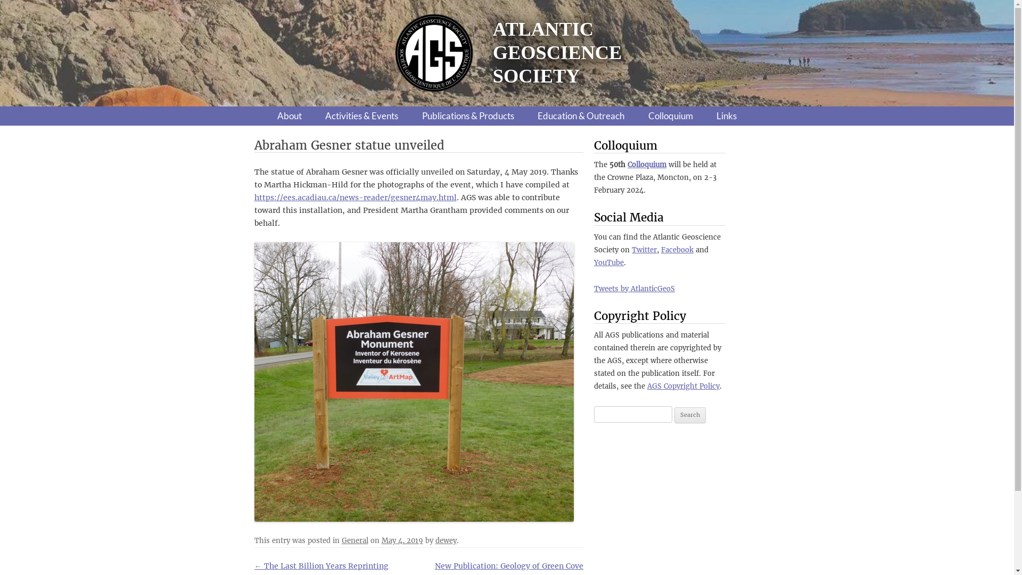 The height and width of the screenshot is (575, 1022). Describe the element at coordinates (355, 540) in the screenshot. I see `'General'` at that location.